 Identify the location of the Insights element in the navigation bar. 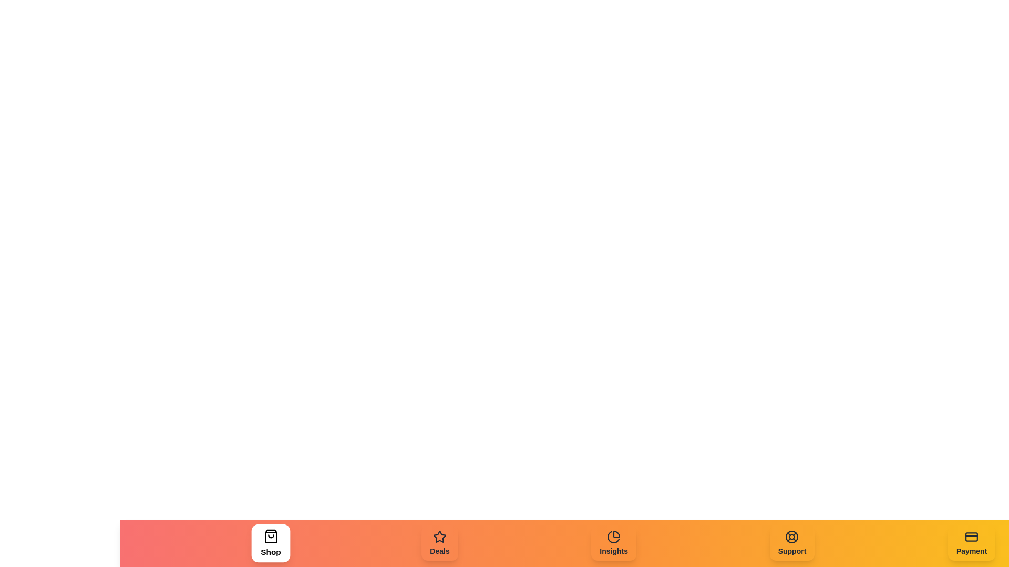
(613, 543).